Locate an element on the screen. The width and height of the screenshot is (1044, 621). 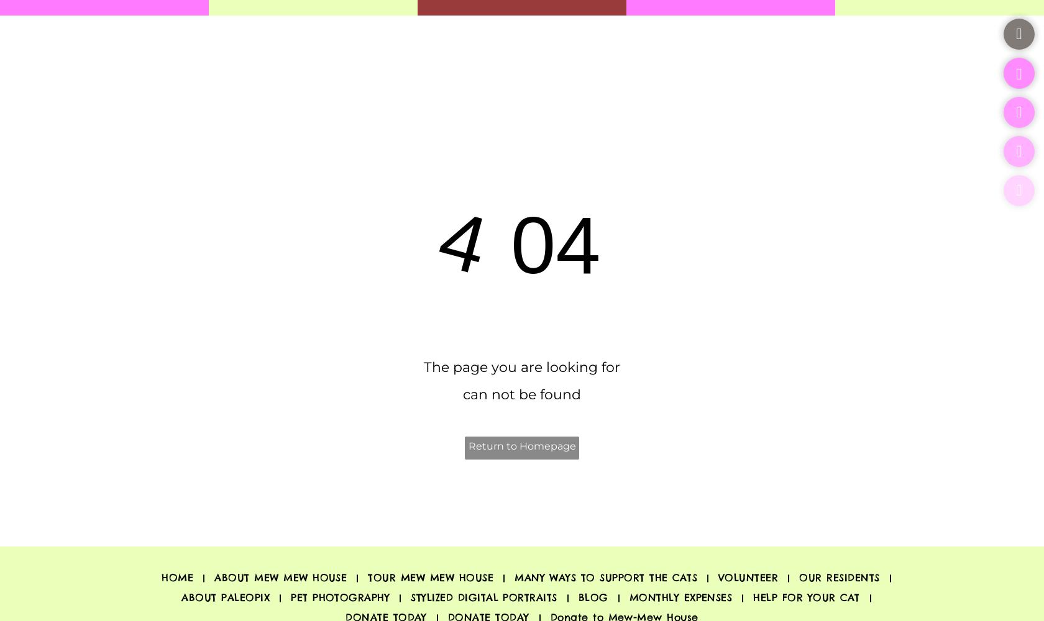
'04' is located at coordinates (544, 245).